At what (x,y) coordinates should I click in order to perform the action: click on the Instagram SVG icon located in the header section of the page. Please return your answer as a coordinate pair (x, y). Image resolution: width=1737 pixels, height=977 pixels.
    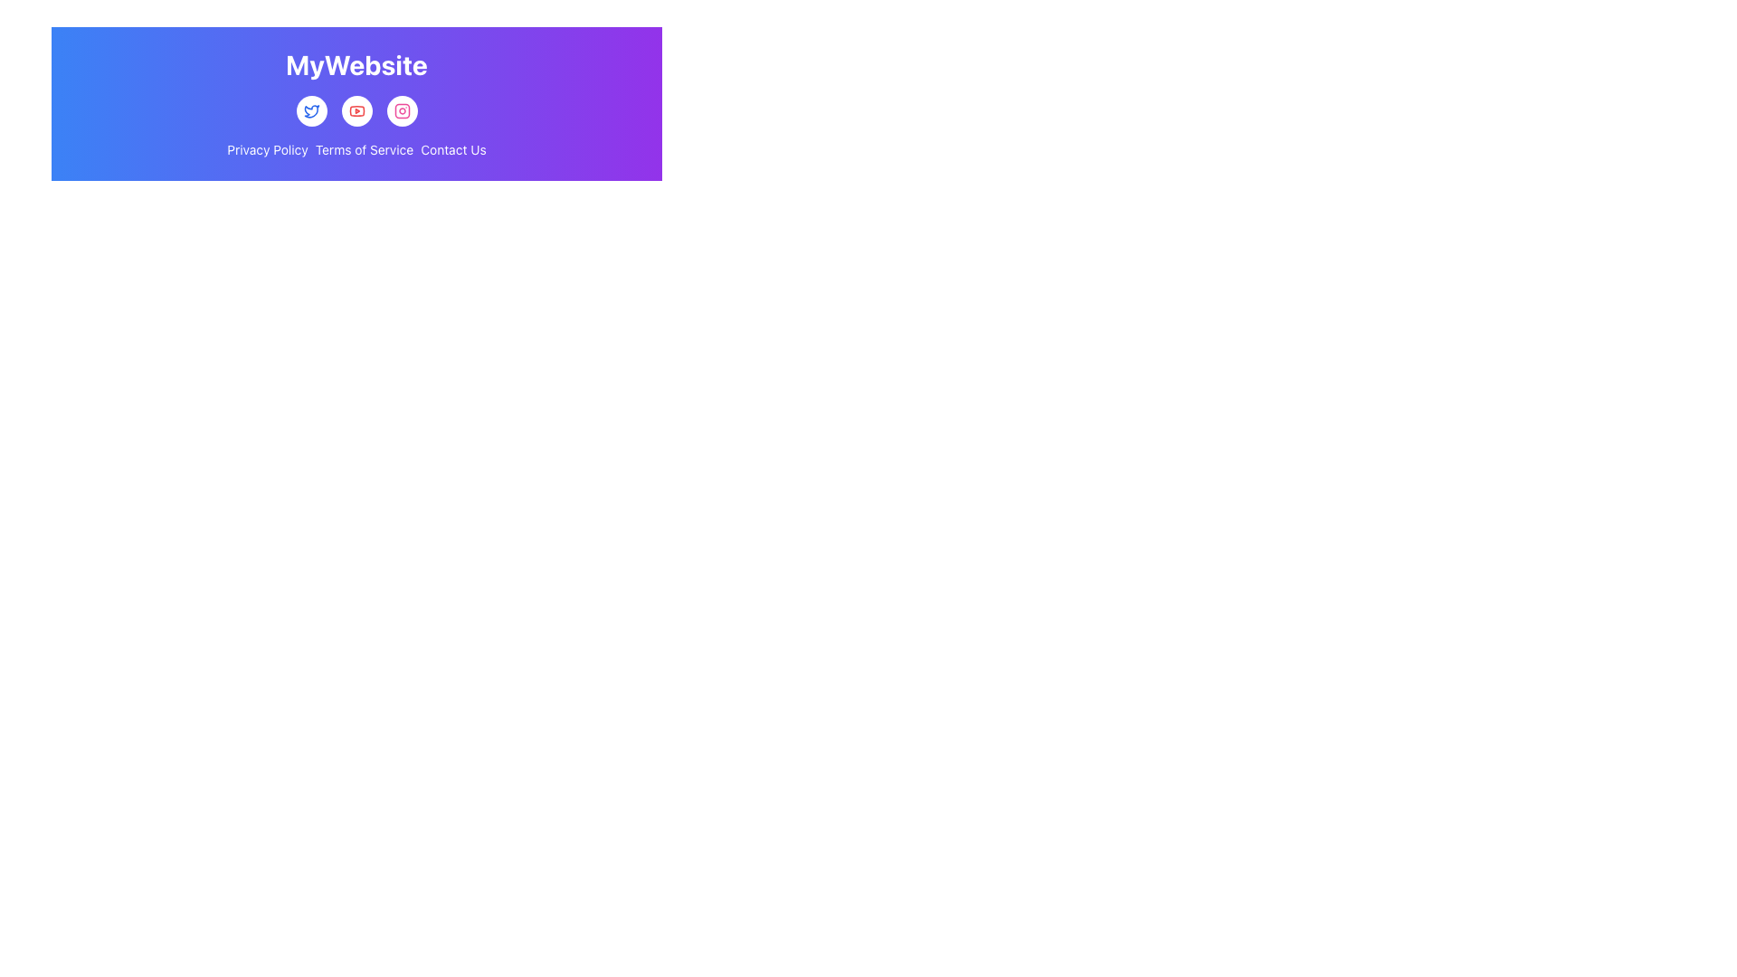
    Looking at the image, I should click on (401, 111).